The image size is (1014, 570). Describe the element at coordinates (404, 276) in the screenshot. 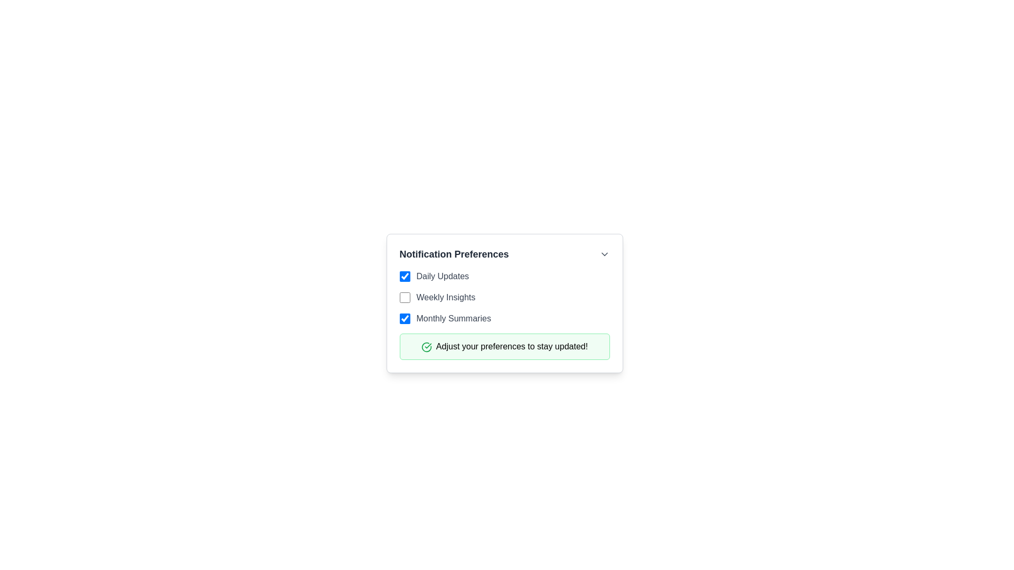

I see `the 'Daily Updates' checkbox by navigating to it` at that location.